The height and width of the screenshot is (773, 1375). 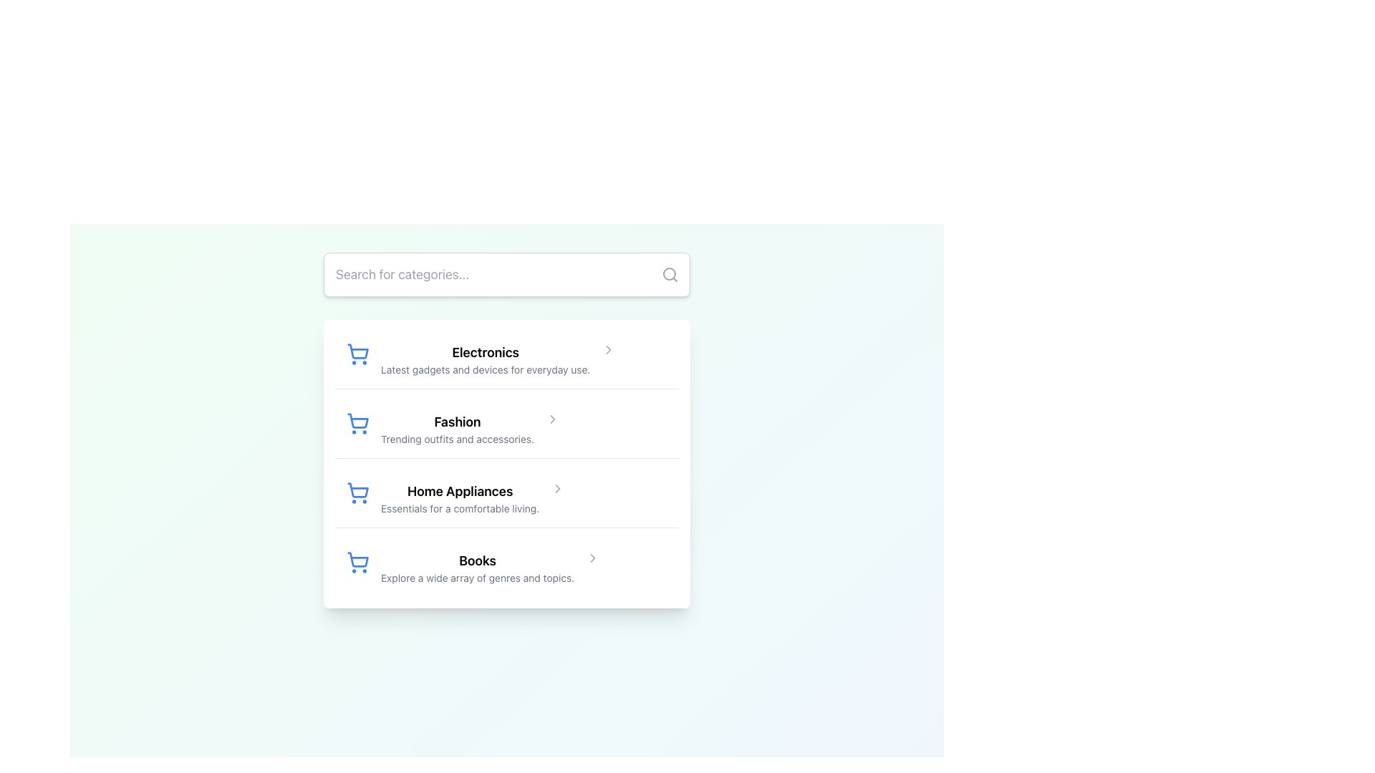 I want to click on the blue shopping cart icon located in the last row of the list, preceding the text 'Books', so click(x=357, y=562).